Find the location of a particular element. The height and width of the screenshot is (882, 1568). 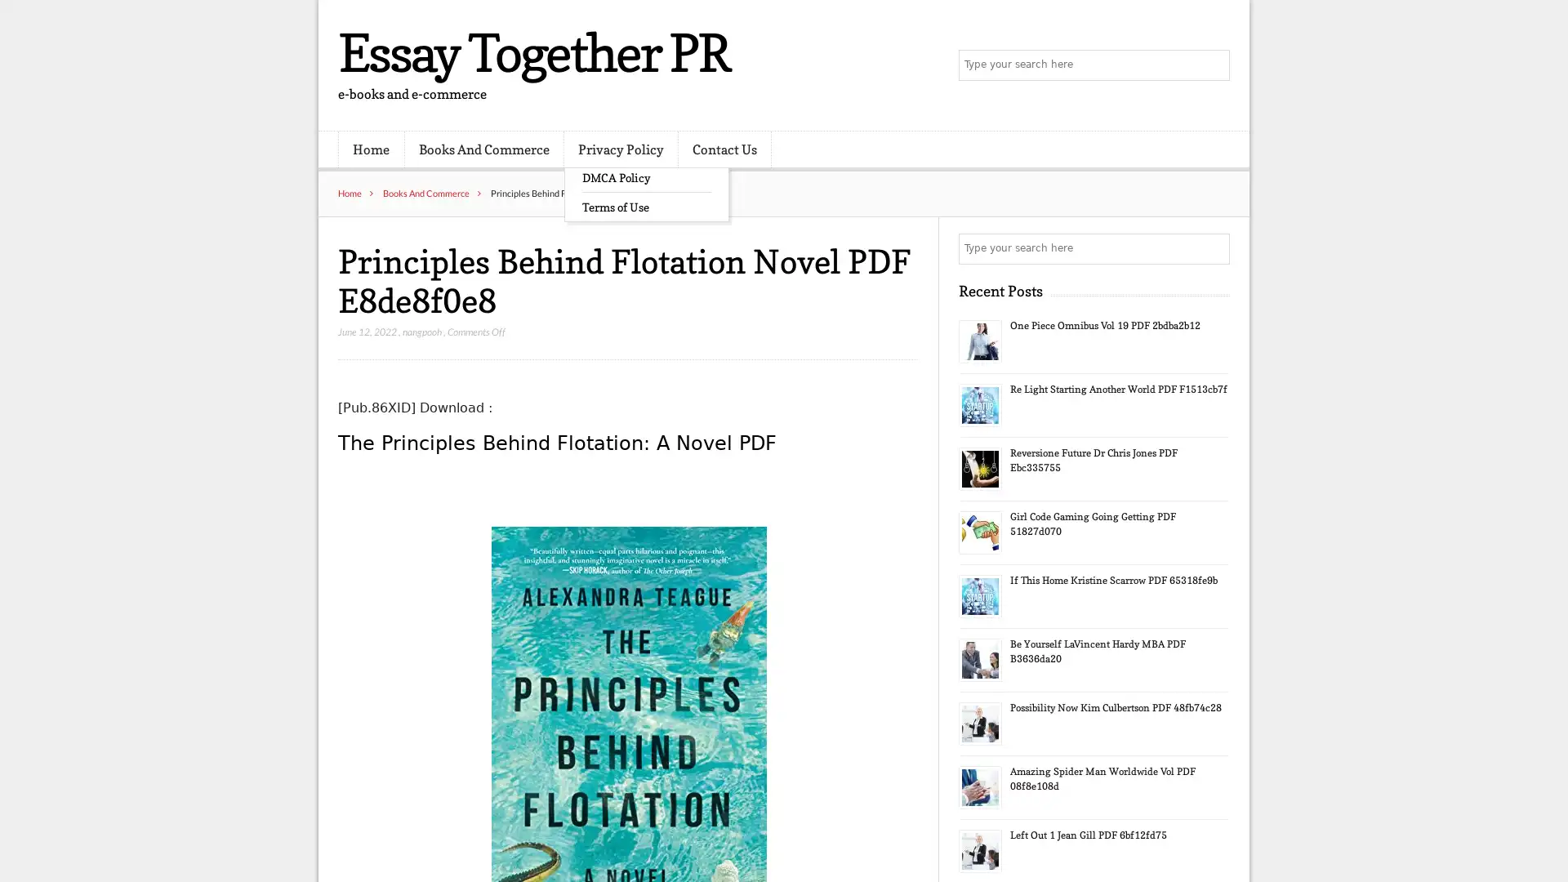

Search is located at coordinates (1213, 65).